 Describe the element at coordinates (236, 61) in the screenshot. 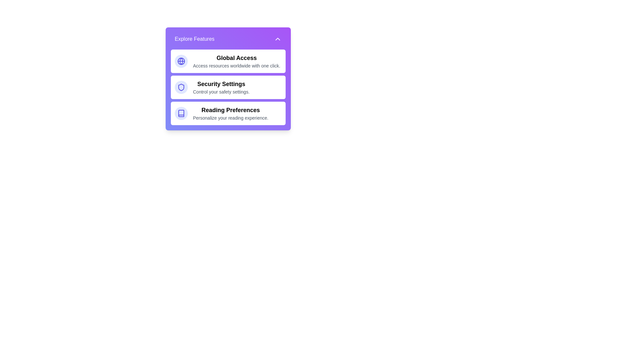

I see `the Information Display Panel titled 'Global Access'` at that location.